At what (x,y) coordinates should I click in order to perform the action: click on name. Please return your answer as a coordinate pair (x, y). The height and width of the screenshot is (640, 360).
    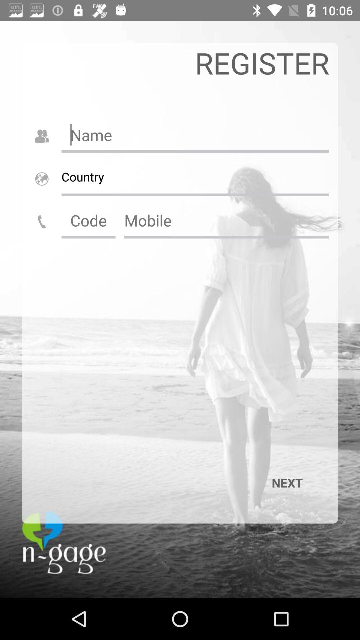
    Looking at the image, I should click on (195, 134).